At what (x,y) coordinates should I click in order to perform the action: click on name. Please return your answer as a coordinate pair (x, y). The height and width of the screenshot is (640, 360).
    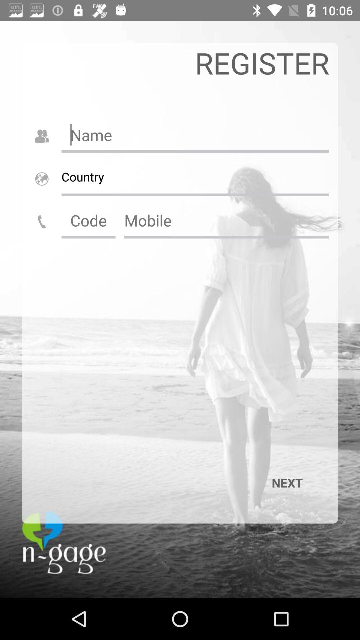
    Looking at the image, I should click on (195, 134).